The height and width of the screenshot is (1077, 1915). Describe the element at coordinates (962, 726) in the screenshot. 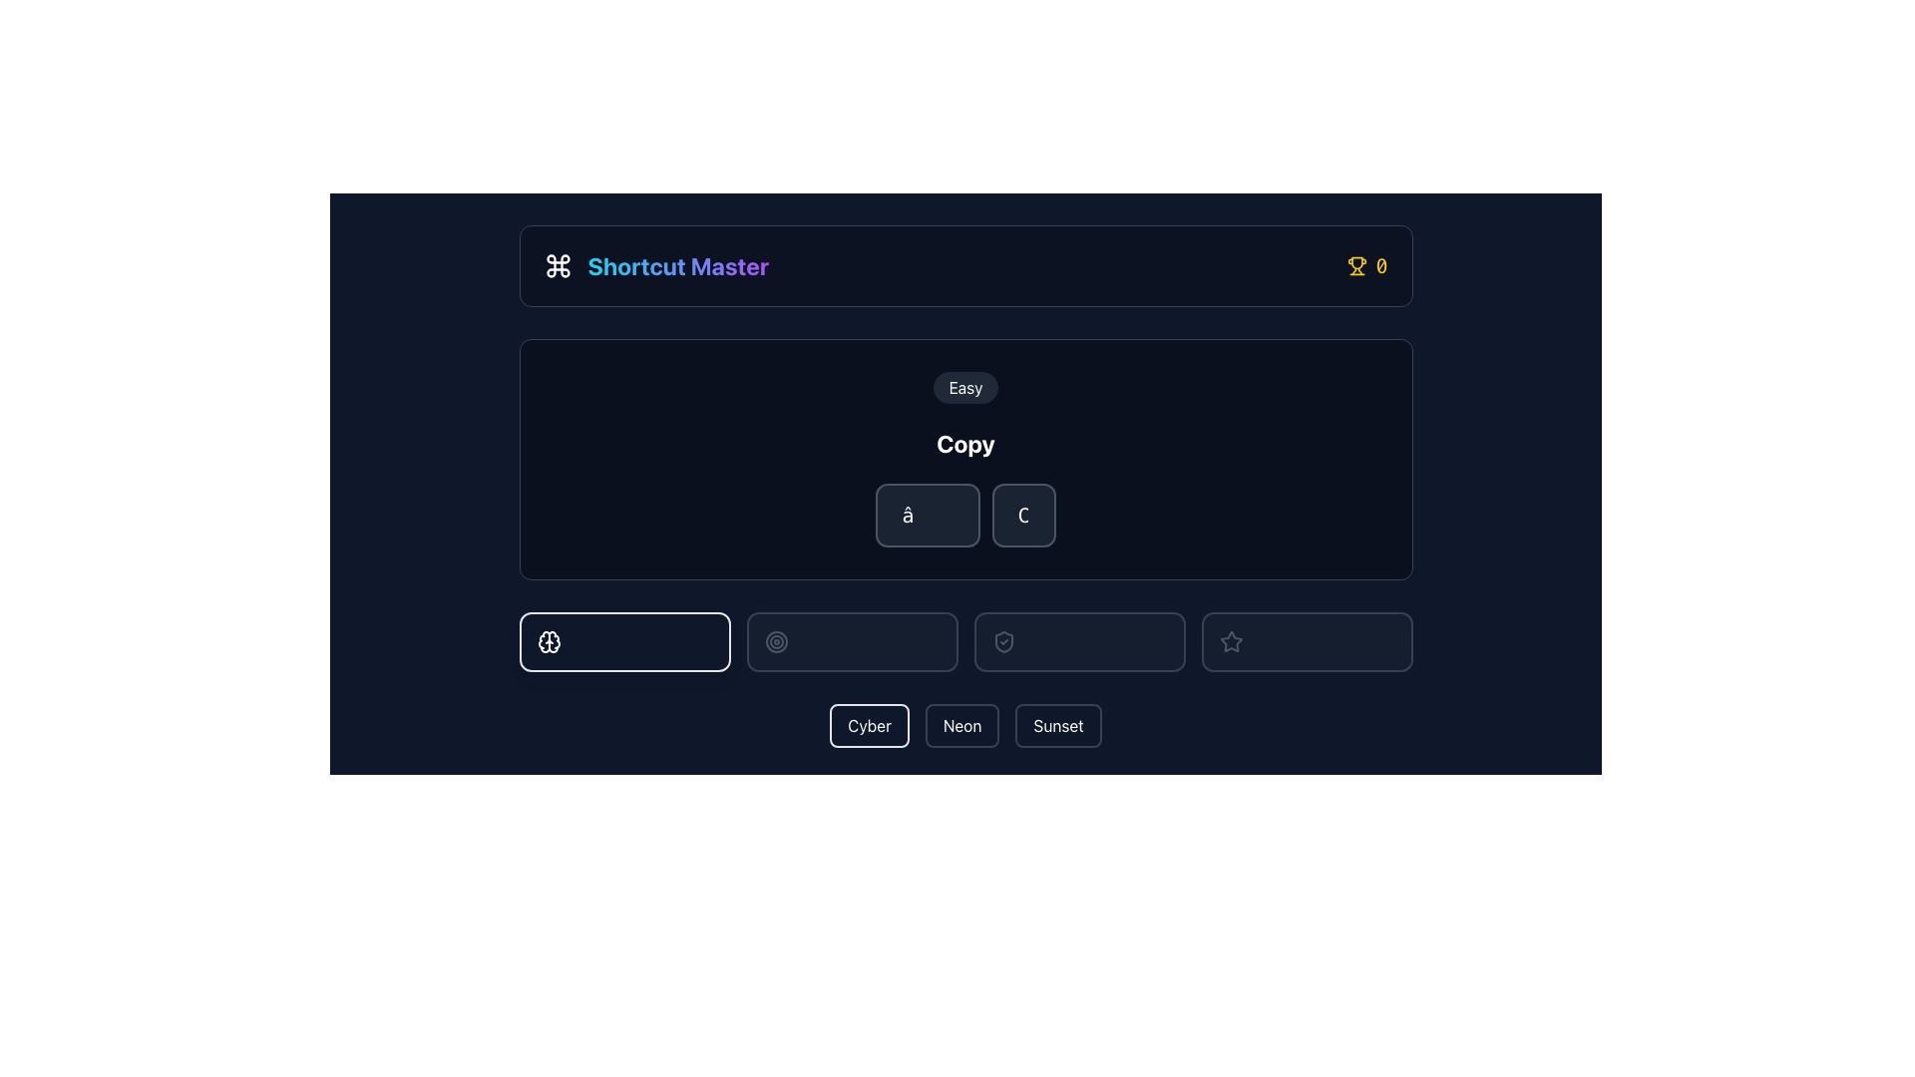

I see `the 'Neon' button, which is the second button in a group of three horizontally aligned buttons` at that location.